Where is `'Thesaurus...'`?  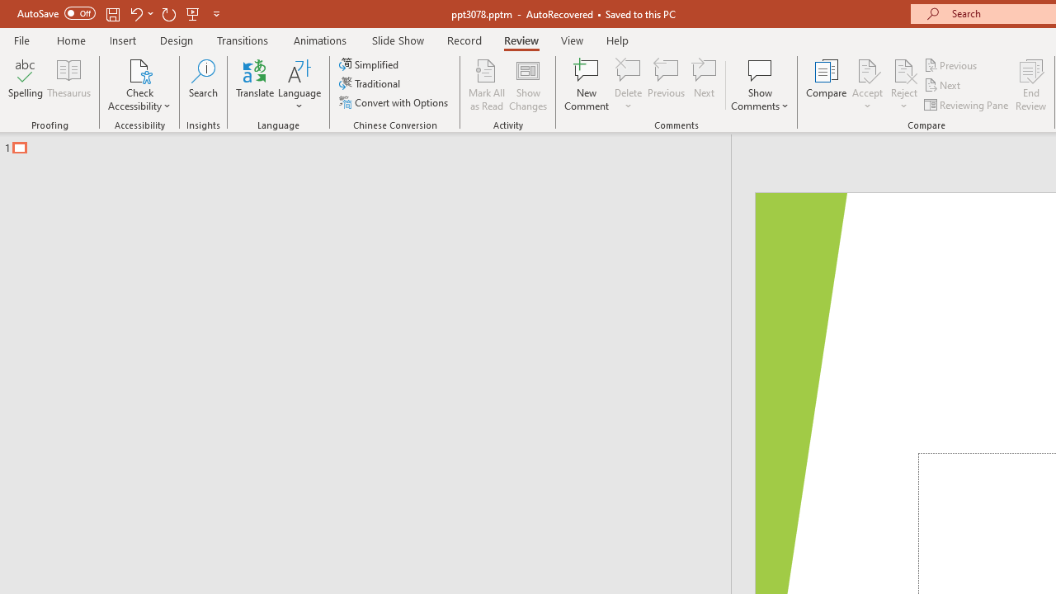
'Thesaurus...' is located at coordinates (68, 85).